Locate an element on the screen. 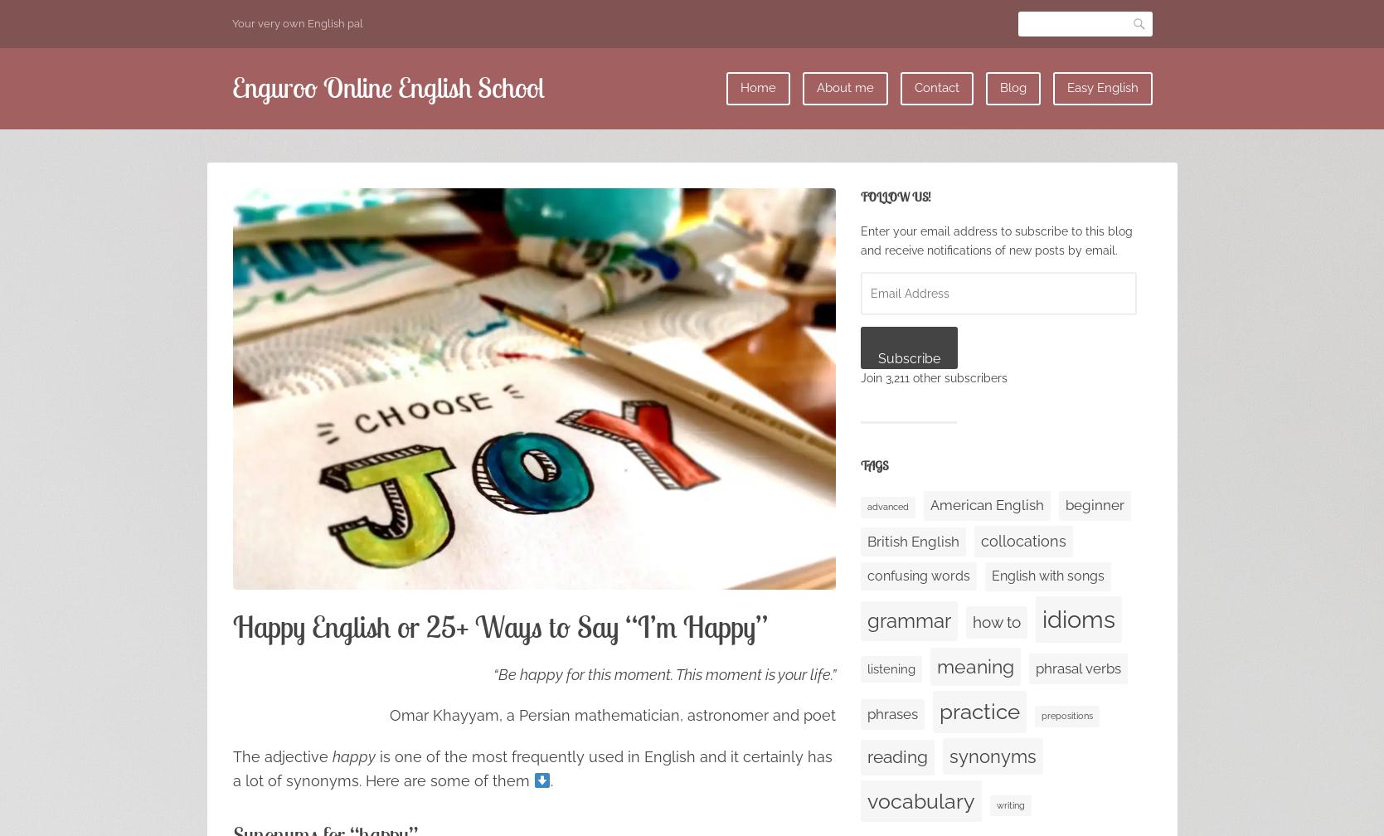 Image resolution: width=1384 pixels, height=836 pixels. 'reading' is located at coordinates (896, 756).